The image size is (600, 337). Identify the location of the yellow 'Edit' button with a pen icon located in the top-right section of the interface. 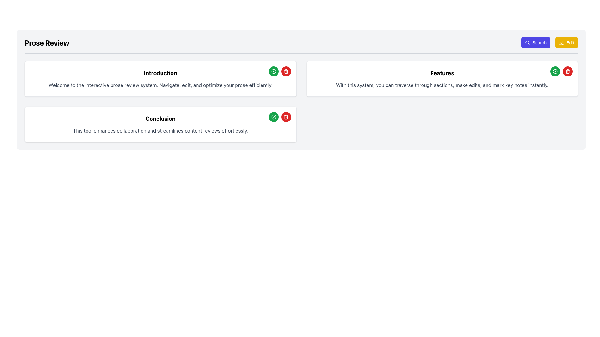
(567, 42).